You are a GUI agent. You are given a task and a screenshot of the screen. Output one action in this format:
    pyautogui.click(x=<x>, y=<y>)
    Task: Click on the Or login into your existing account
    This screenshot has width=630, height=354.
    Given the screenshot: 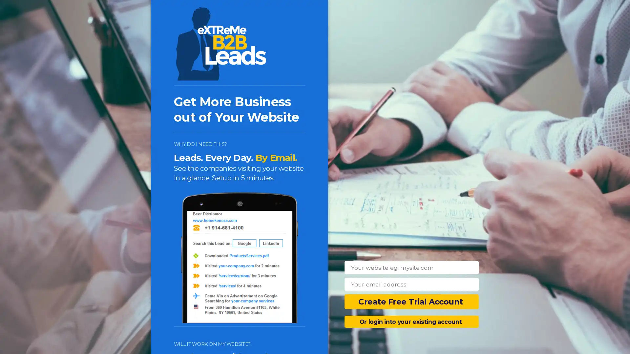 What is the action you would take?
    pyautogui.click(x=411, y=321)
    